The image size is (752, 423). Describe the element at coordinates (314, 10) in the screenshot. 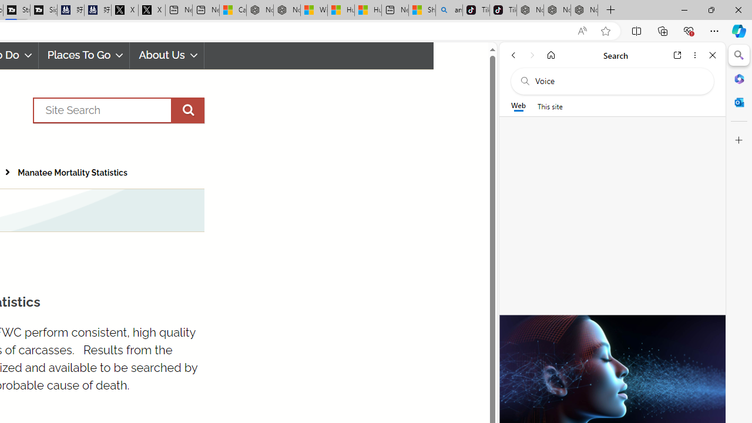

I see `'Wildlife - MSN'` at that location.